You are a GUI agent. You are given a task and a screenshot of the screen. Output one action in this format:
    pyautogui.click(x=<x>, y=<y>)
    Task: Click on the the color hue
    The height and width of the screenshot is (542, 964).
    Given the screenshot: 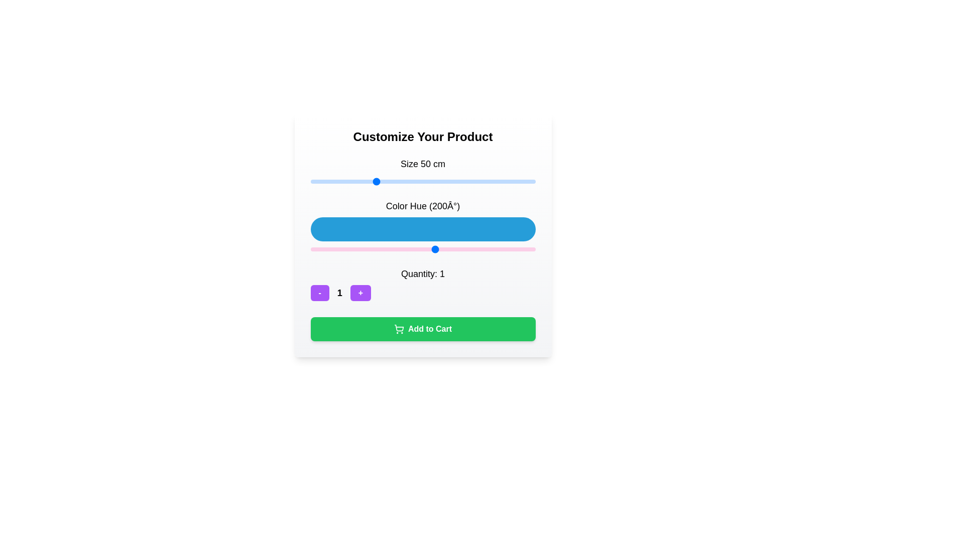 What is the action you would take?
    pyautogui.click(x=474, y=249)
    